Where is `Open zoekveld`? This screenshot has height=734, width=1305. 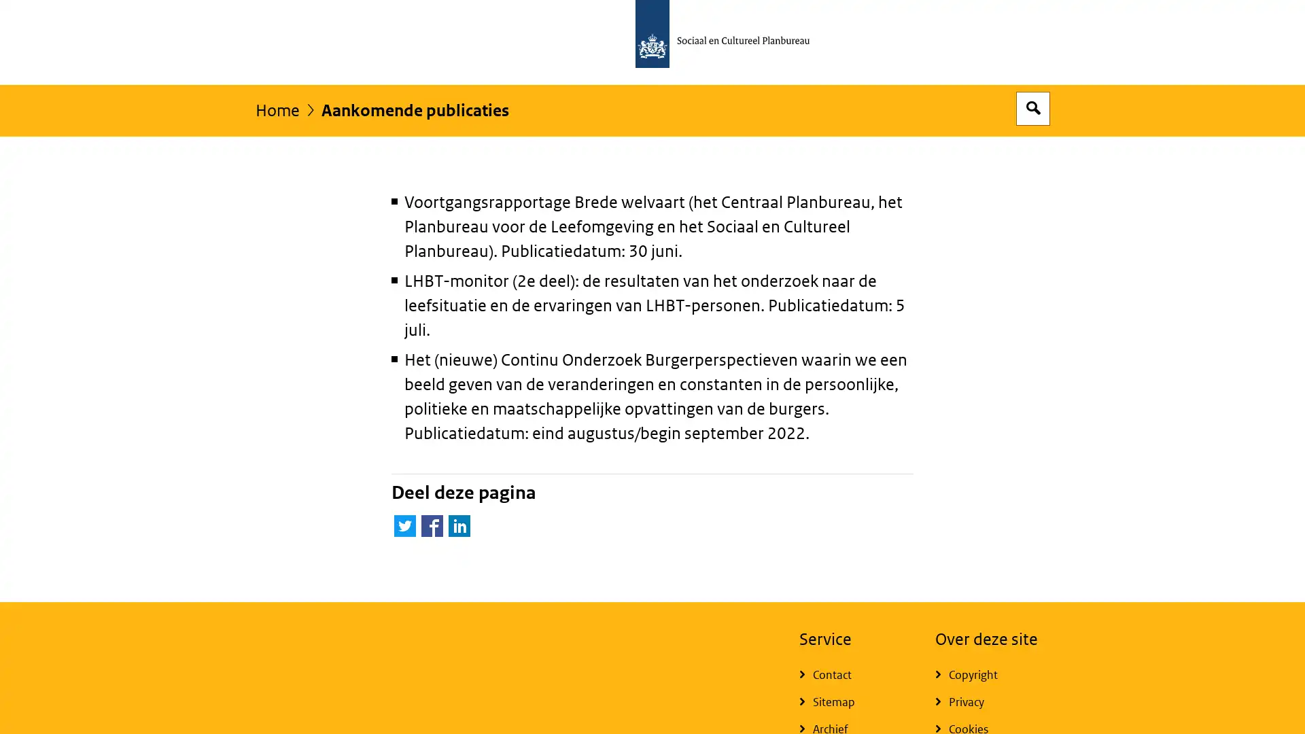 Open zoekveld is located at coordinates (1033, 107).